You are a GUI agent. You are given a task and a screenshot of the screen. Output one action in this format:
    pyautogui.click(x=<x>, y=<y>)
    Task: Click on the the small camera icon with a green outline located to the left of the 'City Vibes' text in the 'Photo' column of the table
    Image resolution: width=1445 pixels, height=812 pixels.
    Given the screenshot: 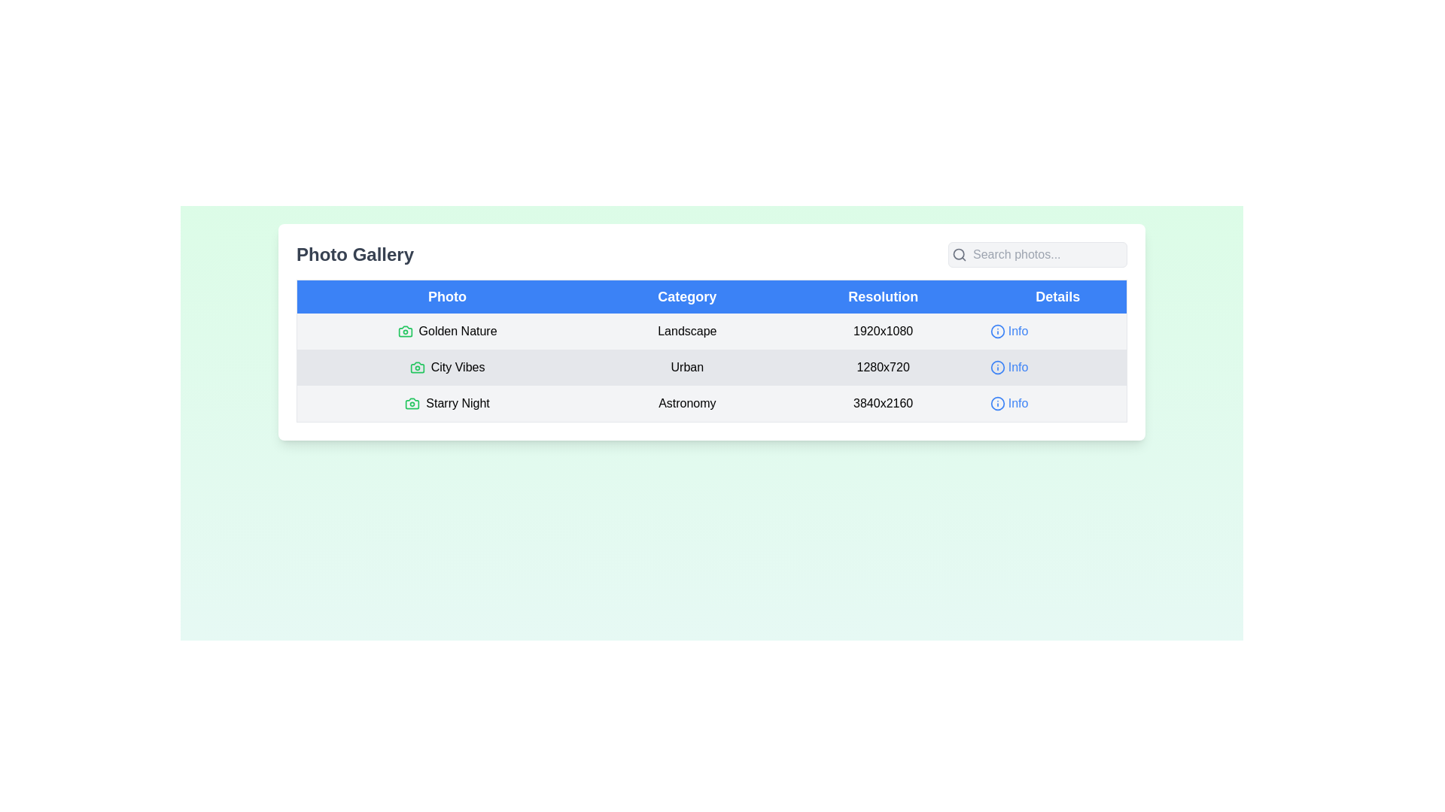 What is the action you would take?
    pyautogui.click(x=417, y=368)
    